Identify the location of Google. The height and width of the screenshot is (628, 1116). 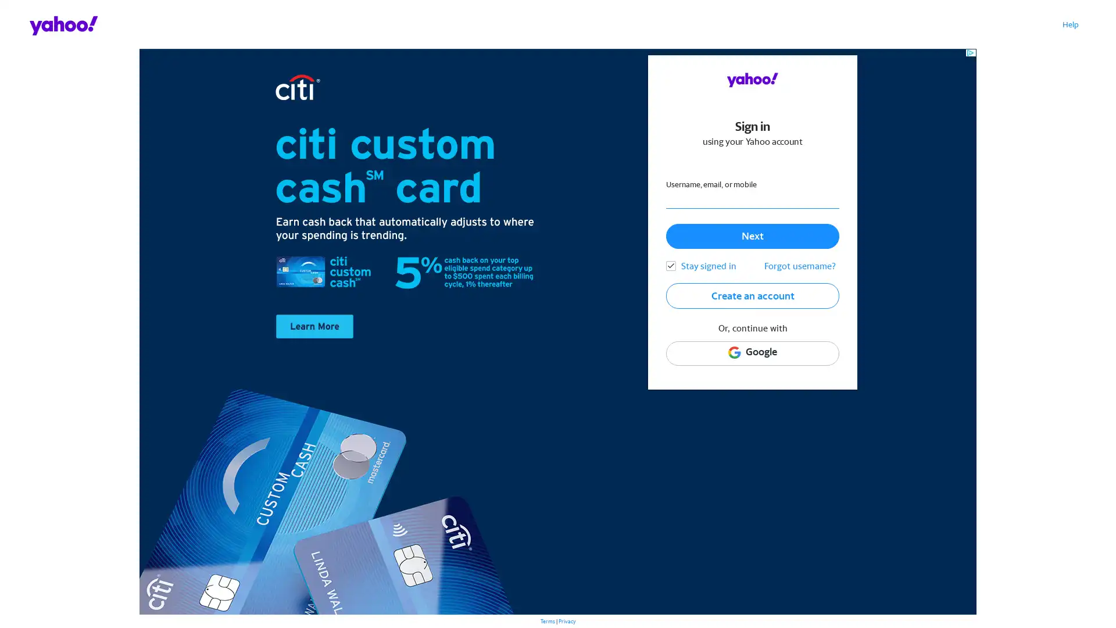
(752, 352).